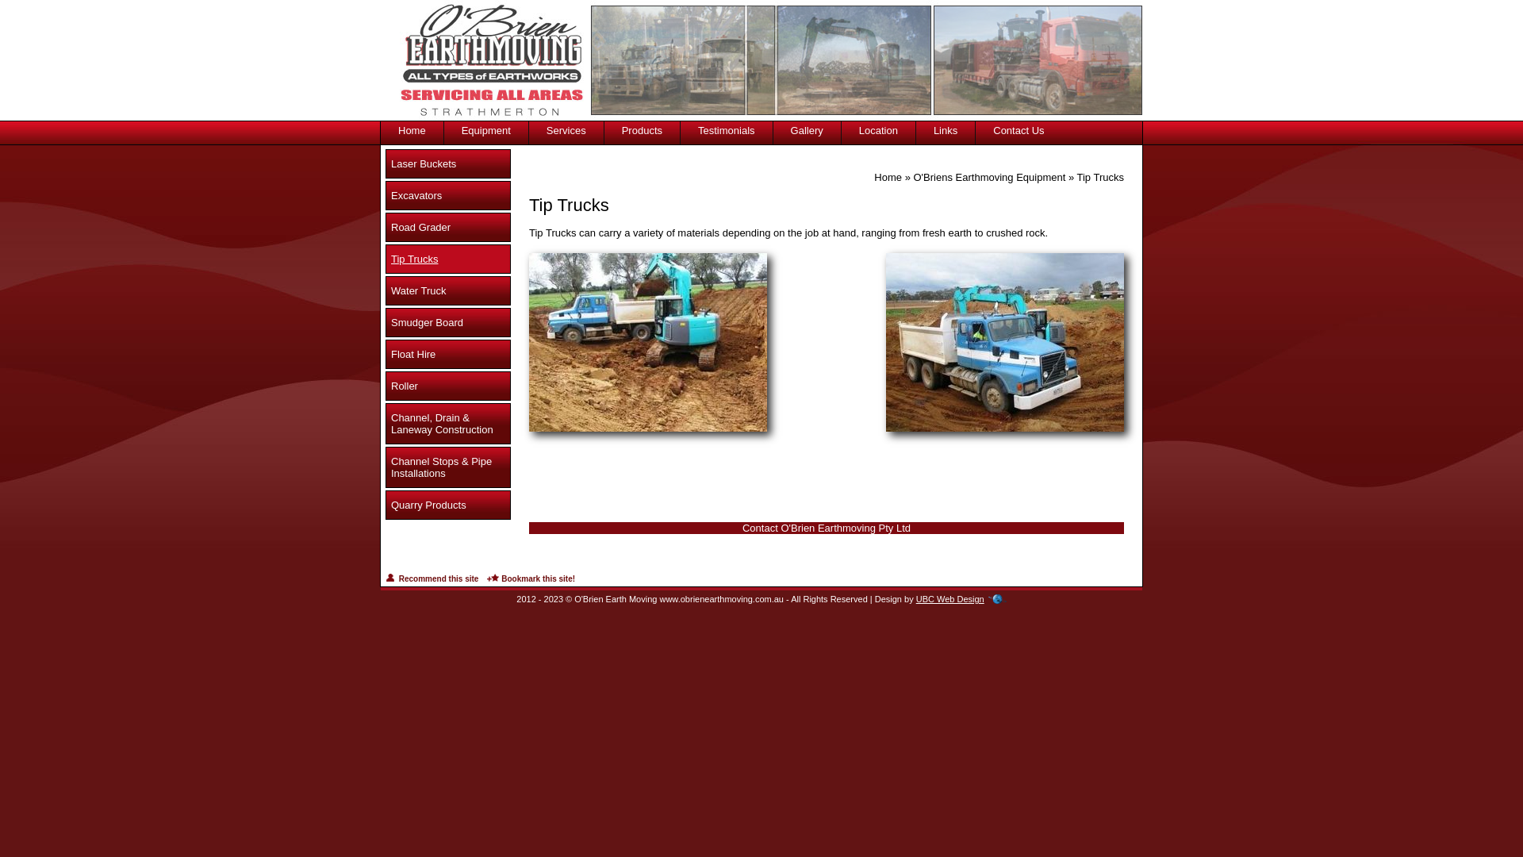  Describe the element at coordinates (431, 578) in the screenshot. I see `'Recommend this site'` at that location.